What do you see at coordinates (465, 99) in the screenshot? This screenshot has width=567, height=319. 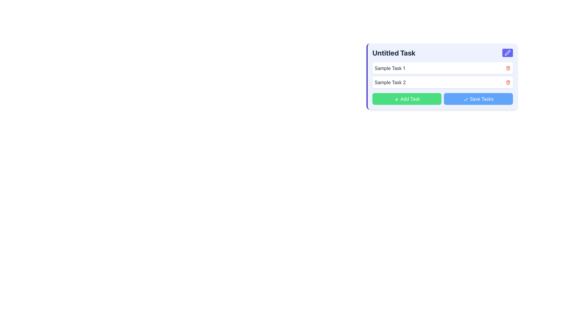 I see `the 'Save Tasks' button which contains the SVG checkmark icon located at the lower right of the task management card` at bounding box center [465, 99].